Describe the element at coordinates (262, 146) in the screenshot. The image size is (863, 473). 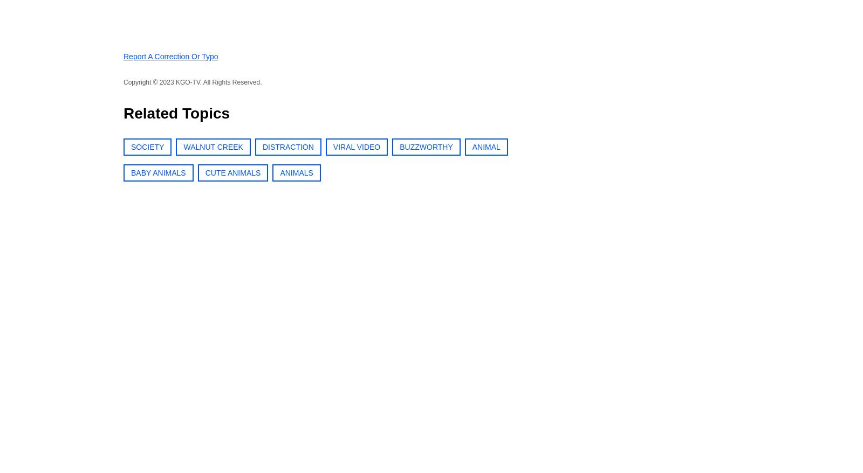
I see `'DISTRACTION'` at that location.